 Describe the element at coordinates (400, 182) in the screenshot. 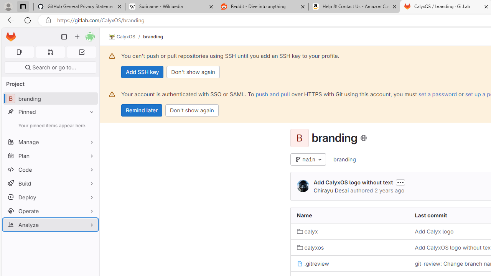

I see `'Toggle commit description'` at that location.